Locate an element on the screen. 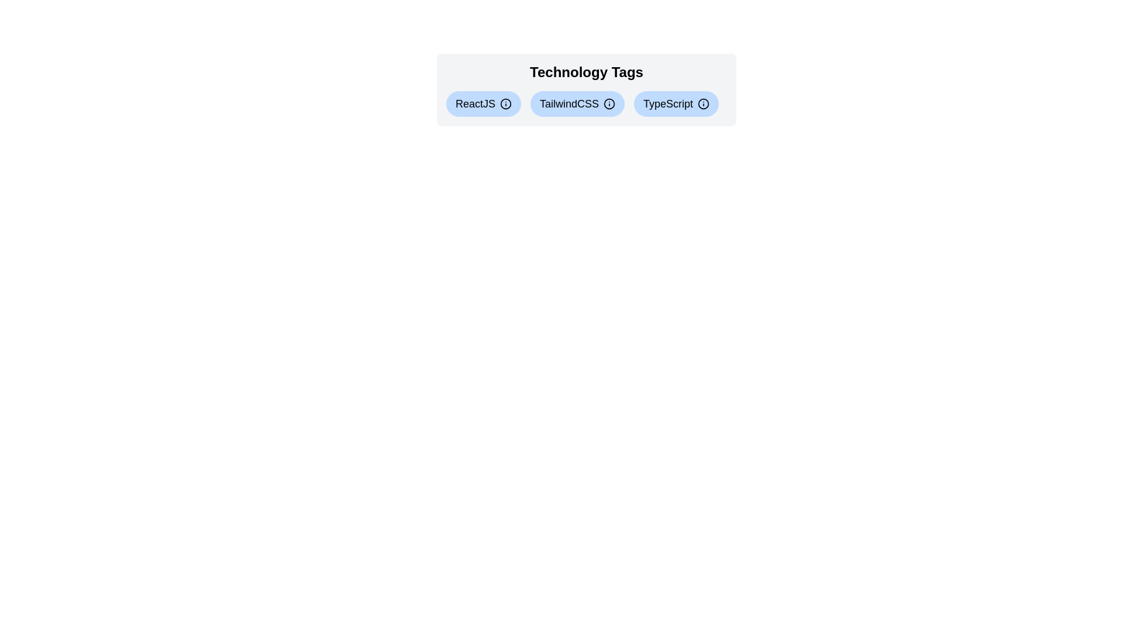 Image resolution: width=1123 pixels, height=631 pixels. the 'Info' icon of the tag labeled TailwindCSS is located at coordinates (608, 103).